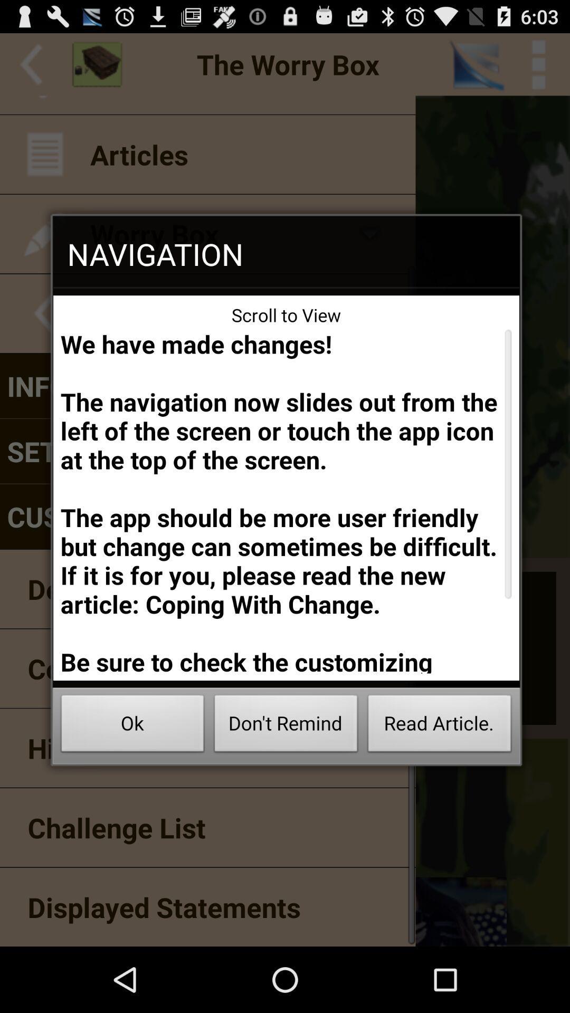  Describe the element at coordinates (132, 726) in the screenshot. I see `item below the we have made item` at that location.